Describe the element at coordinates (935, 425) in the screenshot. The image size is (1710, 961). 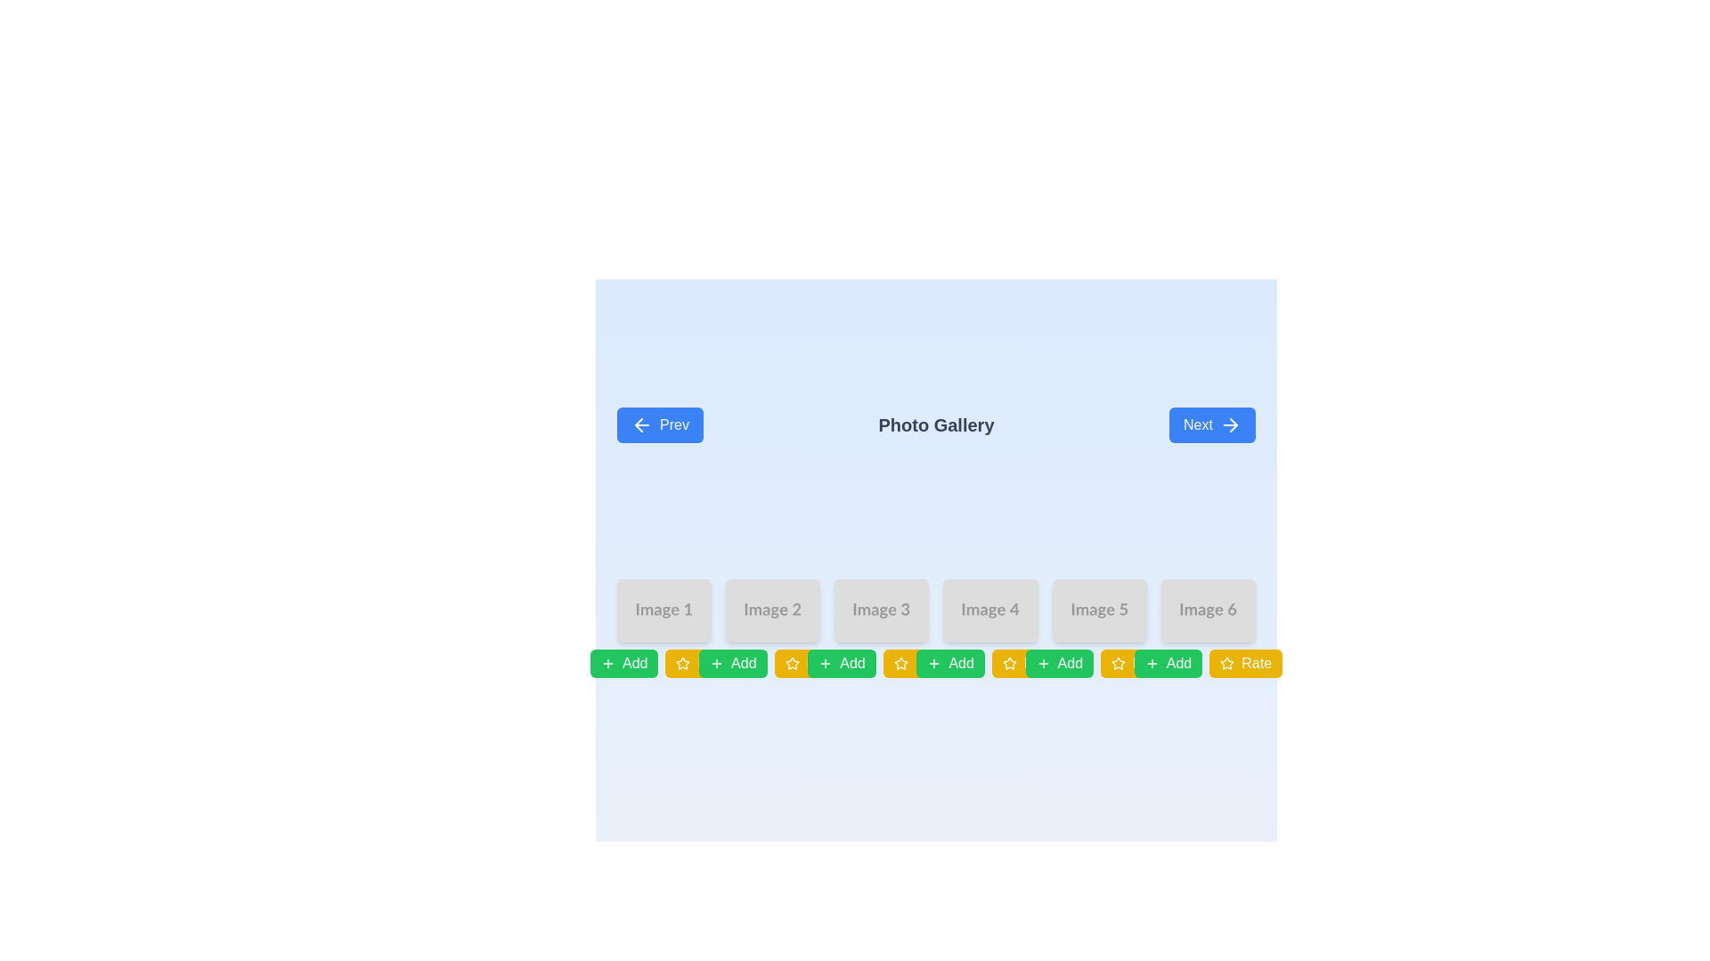
I see `the 'Photo Gallery' text label located in the center of the horizontal menu bar, which indicates the current section of the interface` at that location.